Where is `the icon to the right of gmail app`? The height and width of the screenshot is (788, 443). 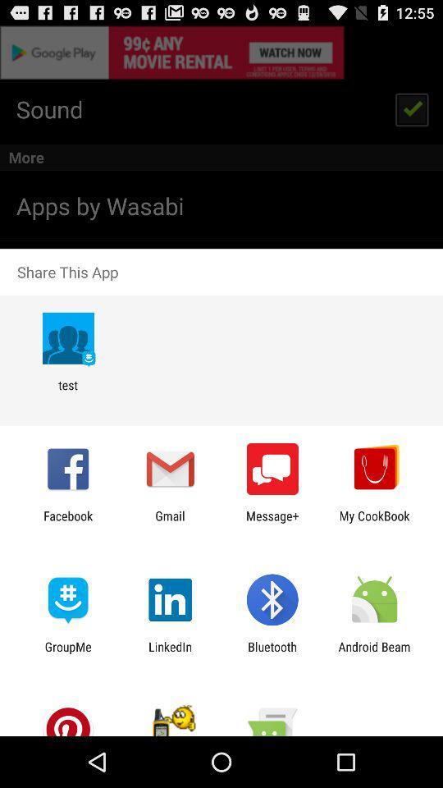 the icon to the right of gmail app is located at coordinates (272, 522).